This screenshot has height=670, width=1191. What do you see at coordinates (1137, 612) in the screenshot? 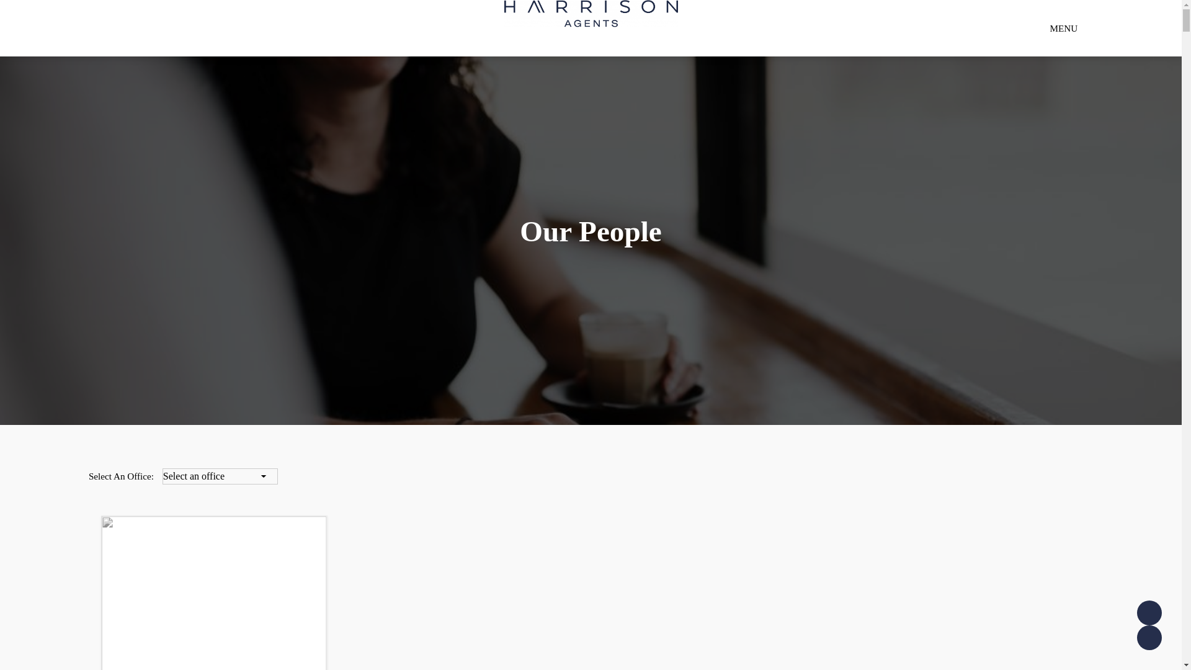
I see `'Buy Page'` at bounding box center [1137, 612].